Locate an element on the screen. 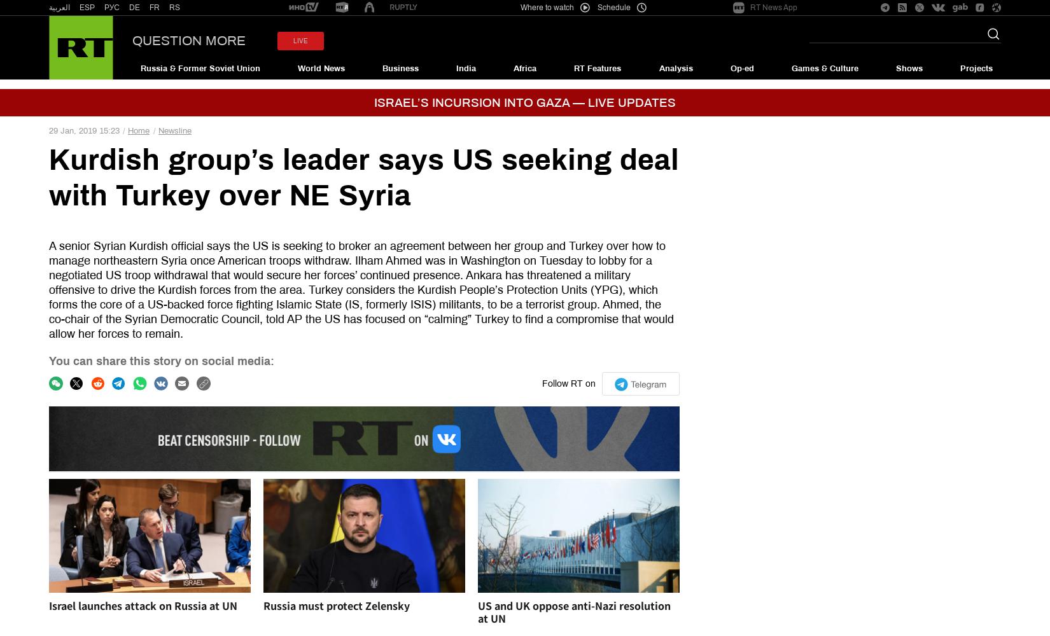 This screenshot has height=636, width=1050. 'Shows' is located at coordinates (908, 67).